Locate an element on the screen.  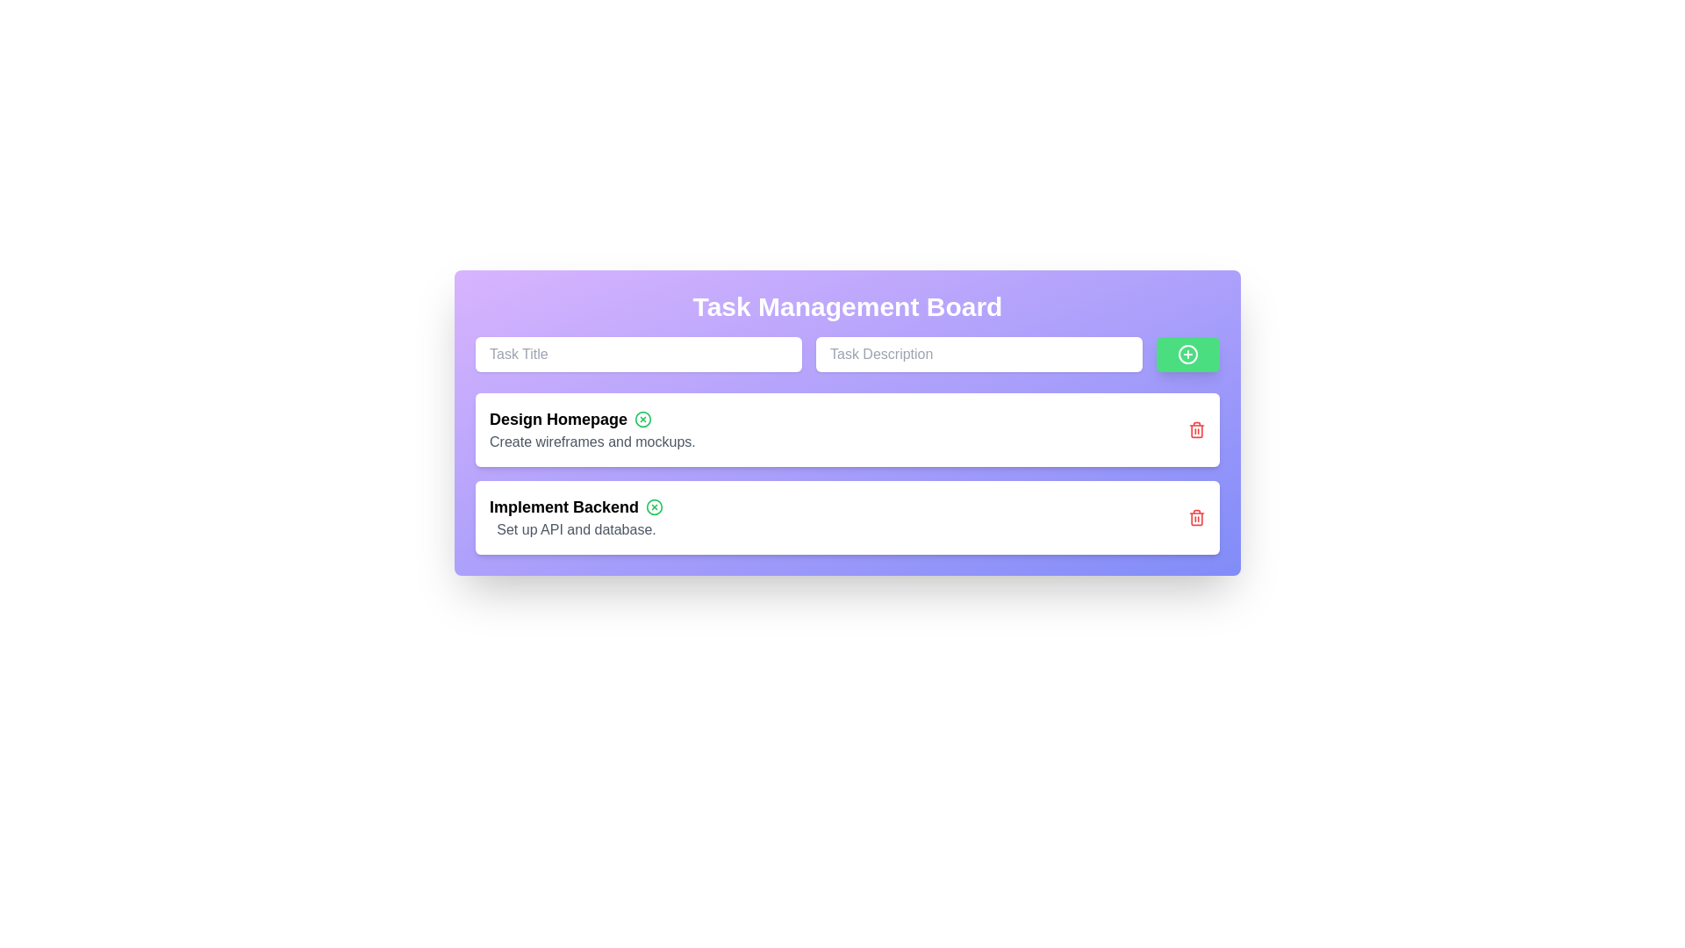
the body of the trash bin icon, which is positioned next to each task entry on the right side is located at coordinates (1195, 517).